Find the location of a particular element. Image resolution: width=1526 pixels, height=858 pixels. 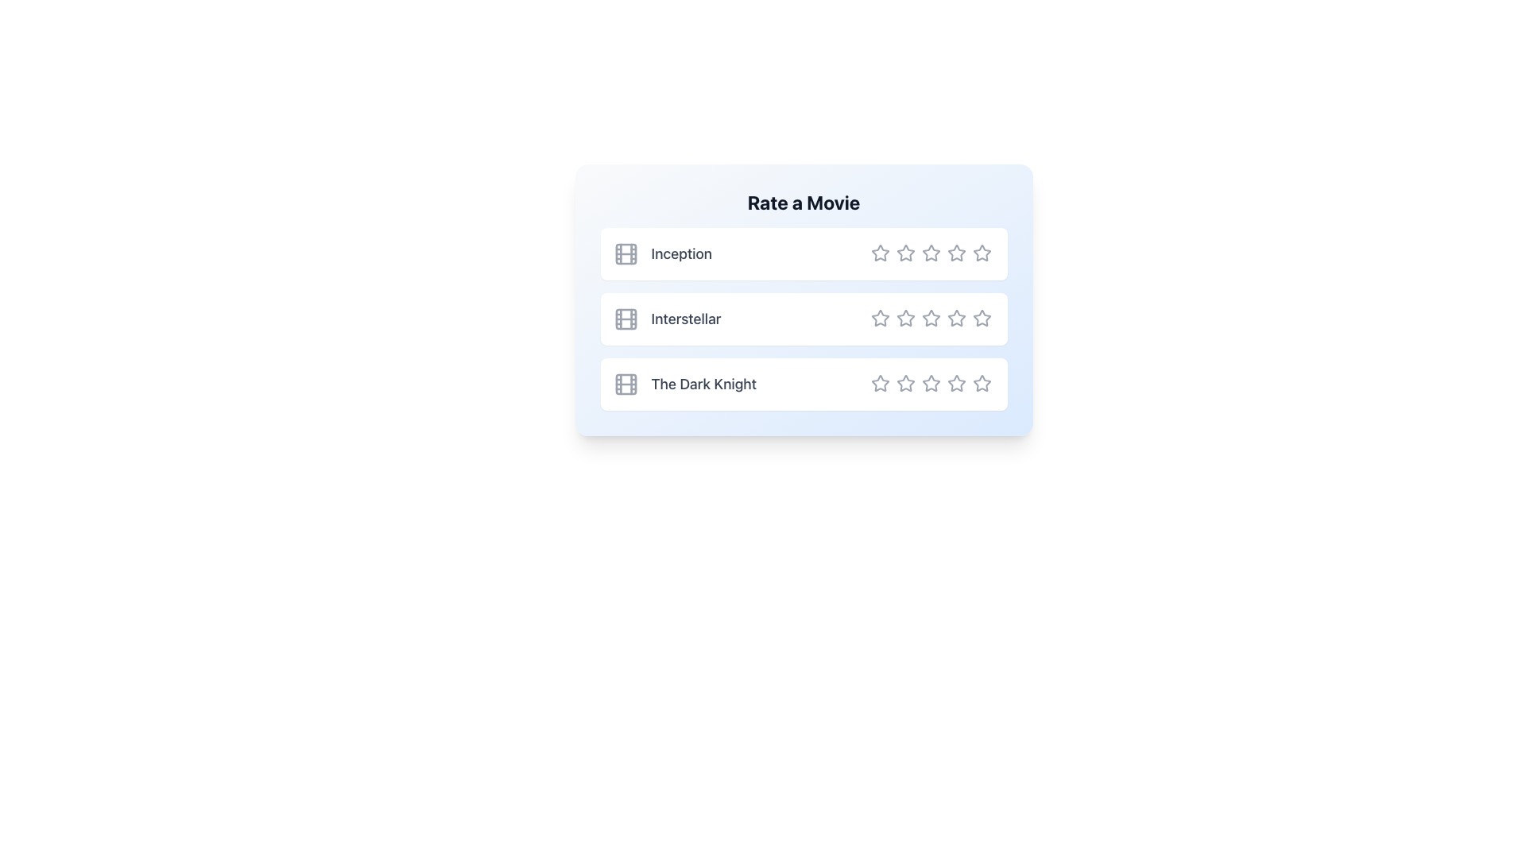

the second star-shaped icon from the left in the row of rating stars to give 'The Dark Knight' a rating of two stars is located at coordinates (905, 383).